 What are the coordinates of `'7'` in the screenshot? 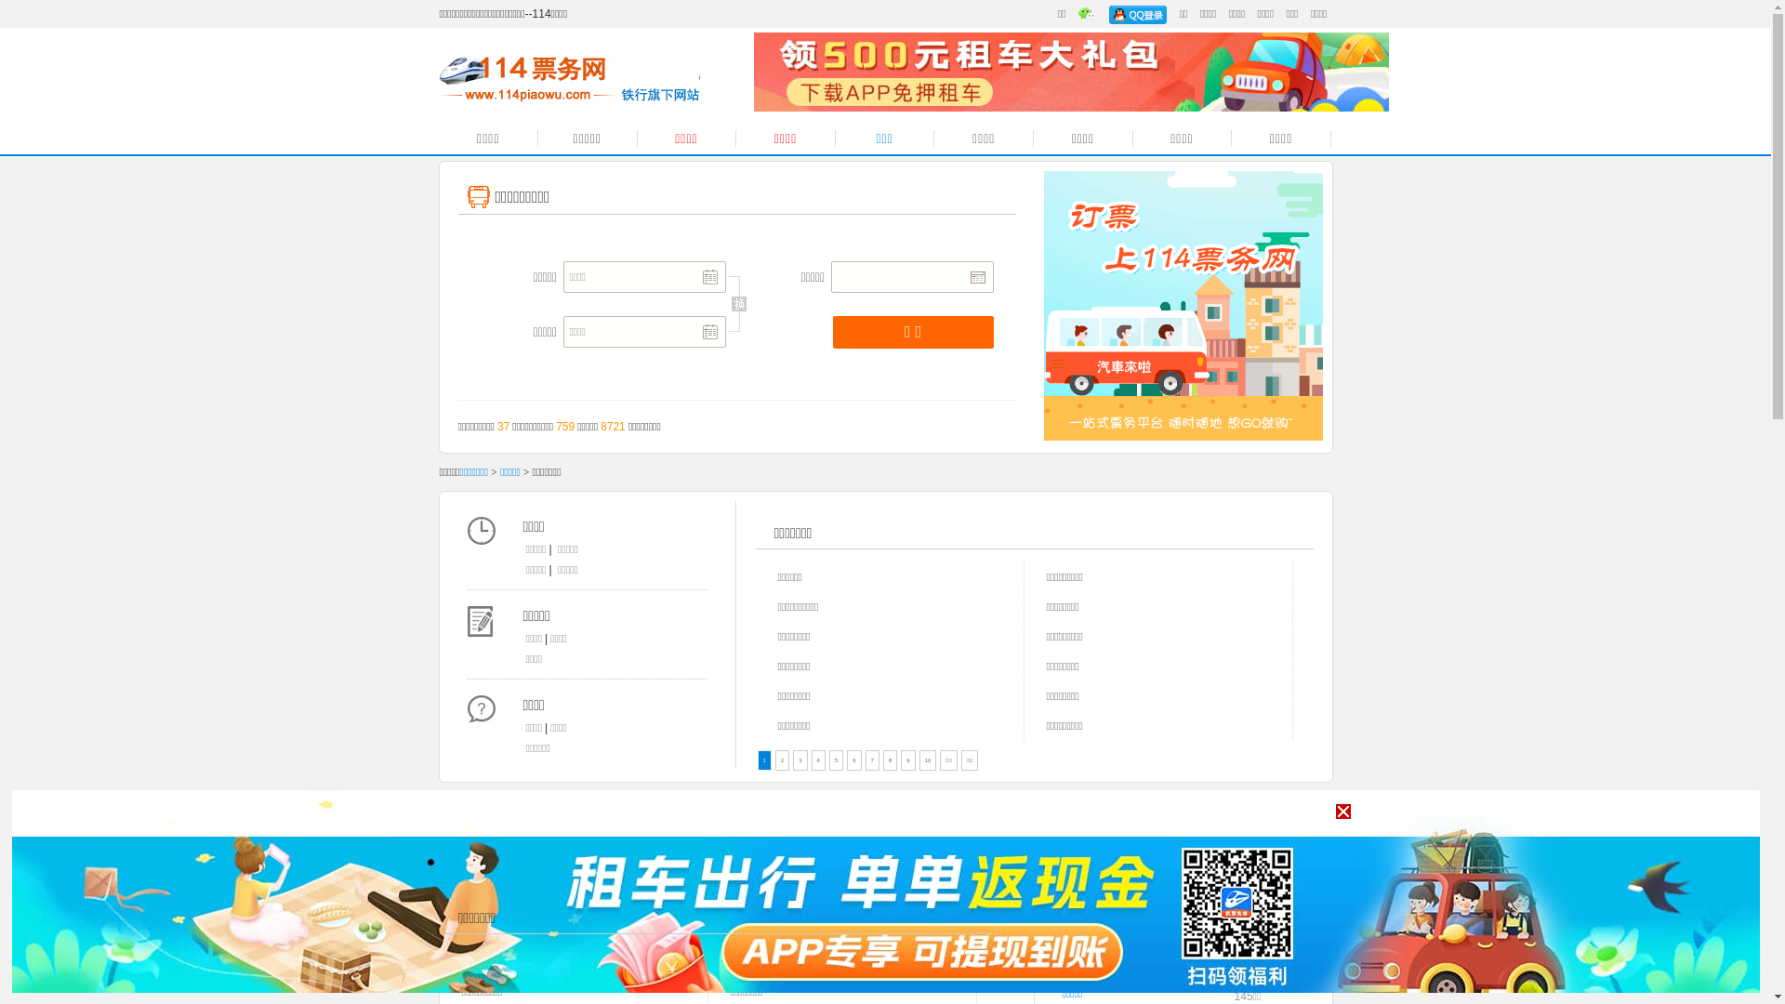 It's located at (865, 760).